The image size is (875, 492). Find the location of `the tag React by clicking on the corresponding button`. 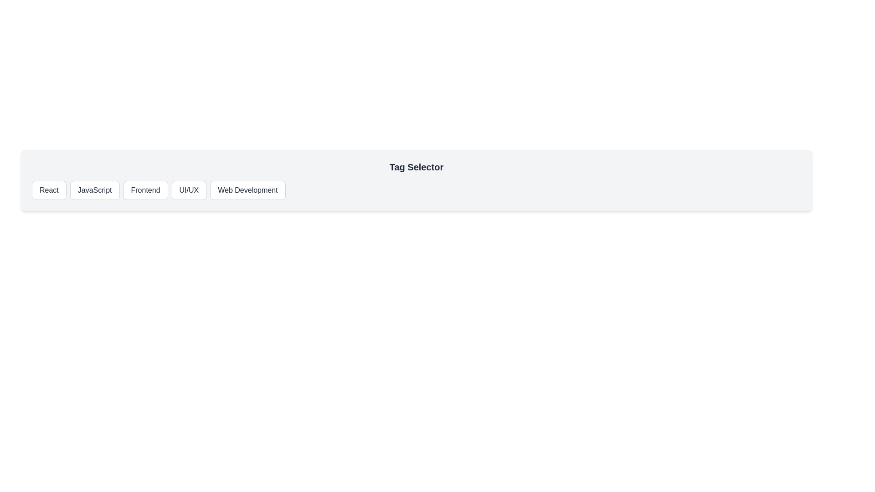

the tag React by clicking on the corresponding button is located at coordinates (48, 190).